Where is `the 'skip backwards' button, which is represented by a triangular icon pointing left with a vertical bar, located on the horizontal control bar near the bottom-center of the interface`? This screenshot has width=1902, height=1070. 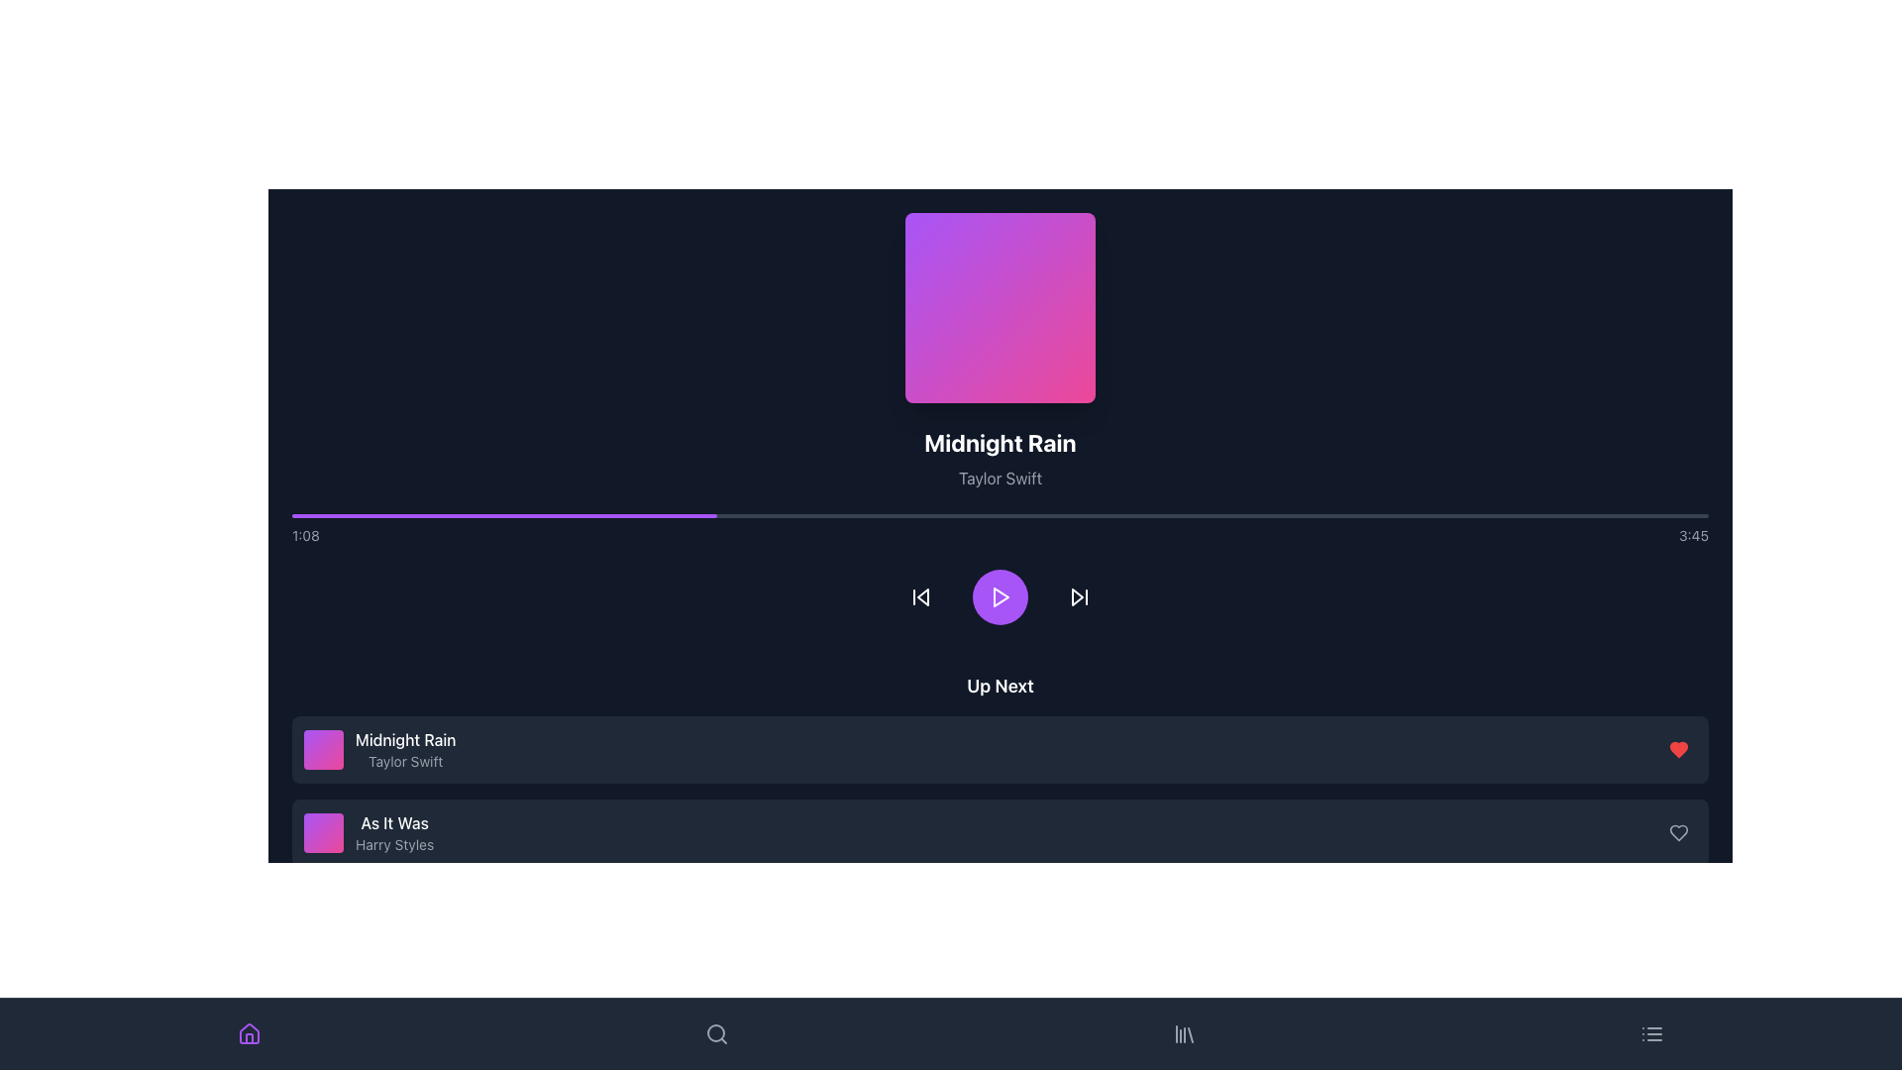 the 'skip backwards' button, which is represented by a triangular icon pointing left with a vertical bar, located on the horizontal control bar near the bottom-center of the interface is located at coordinates (920, 595).